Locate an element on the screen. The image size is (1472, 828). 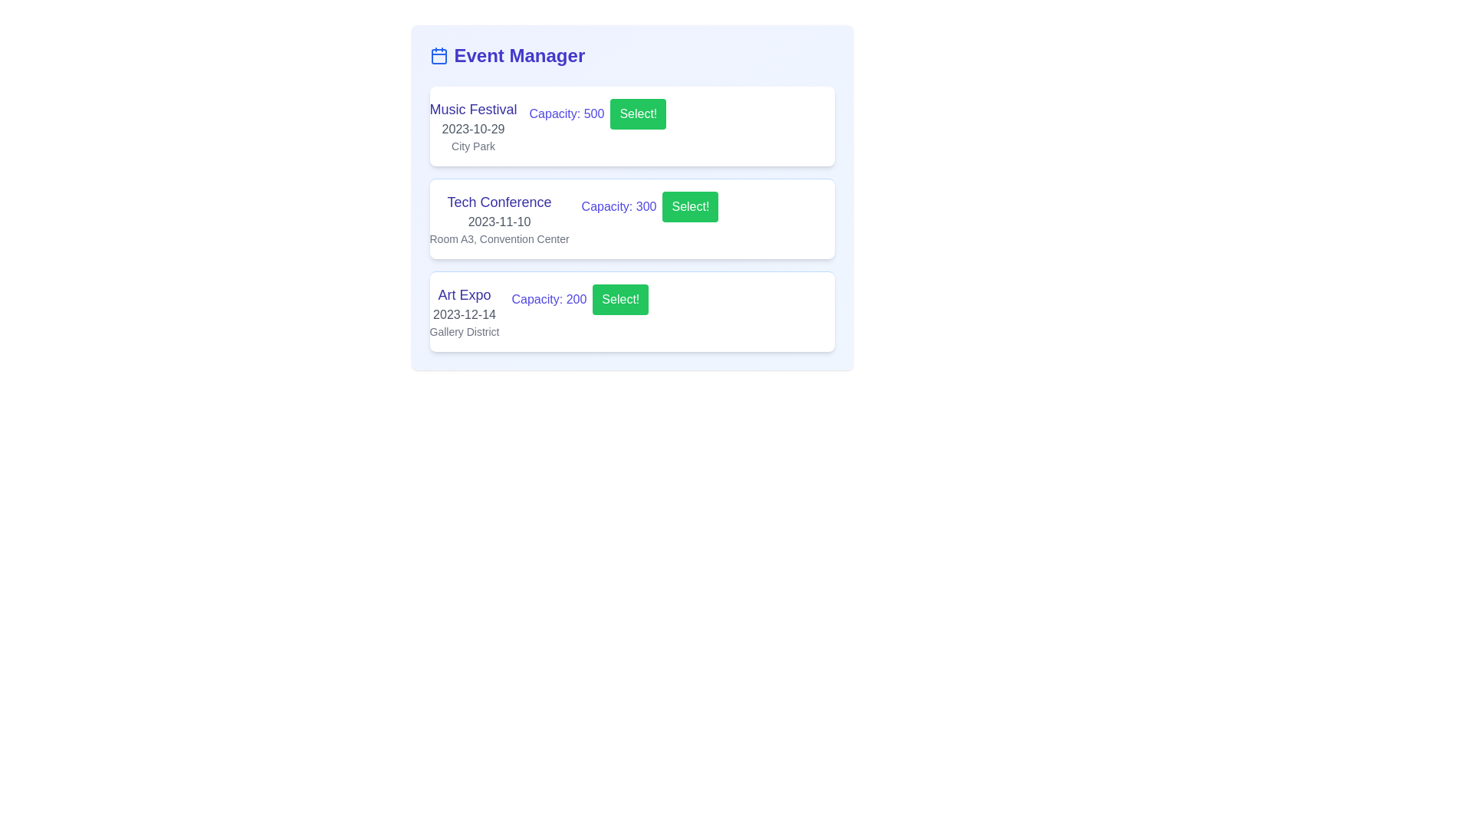
event details displayed in the text block for the 'Music Festival', which includes its name, date, and location is located at coordinates (472, 126).